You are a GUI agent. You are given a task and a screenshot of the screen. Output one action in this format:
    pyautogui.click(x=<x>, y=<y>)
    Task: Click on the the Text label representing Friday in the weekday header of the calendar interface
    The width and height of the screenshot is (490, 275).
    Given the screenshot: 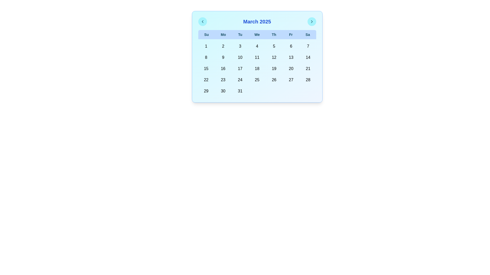 What is the action you would take?
    pyautogui.click(x=291, y=34)
    